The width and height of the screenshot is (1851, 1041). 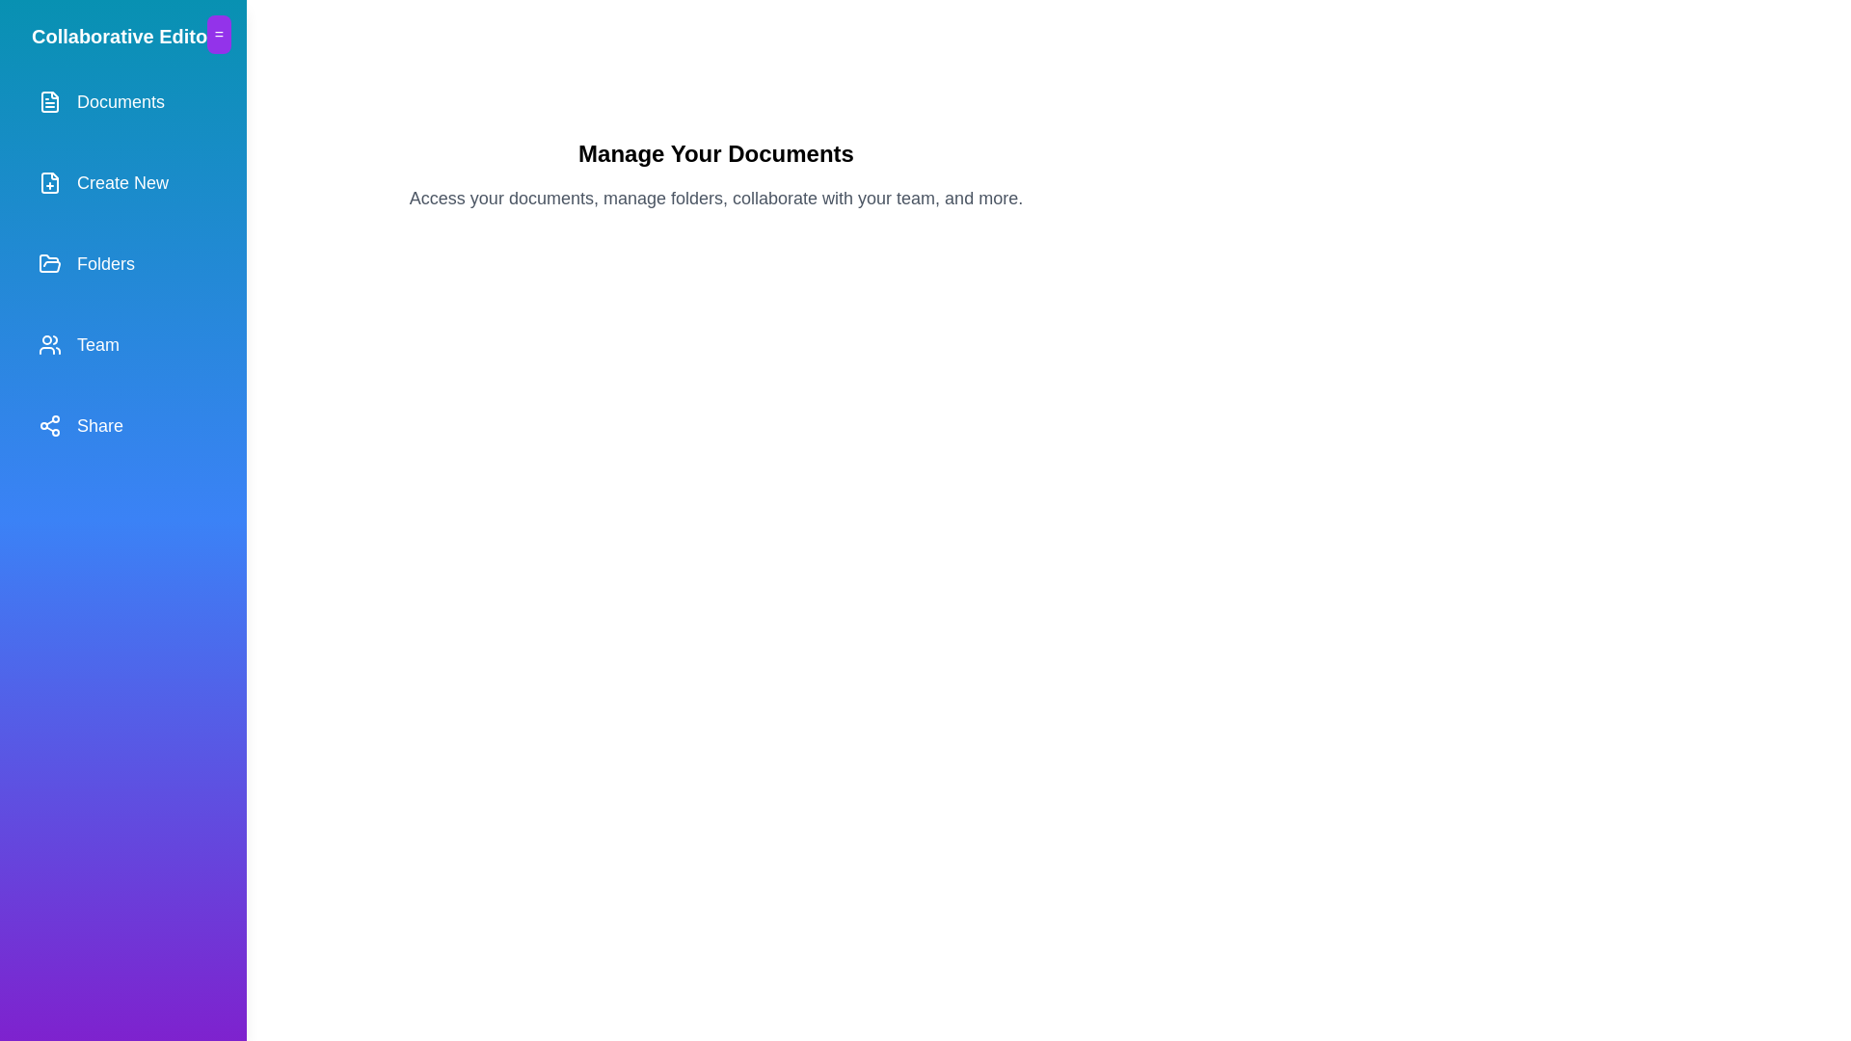 What do you see at coordinates (122, 425) in the screenshot?
I see `the menu item labeled Share from the drawer` at bounding box center [122, 425].